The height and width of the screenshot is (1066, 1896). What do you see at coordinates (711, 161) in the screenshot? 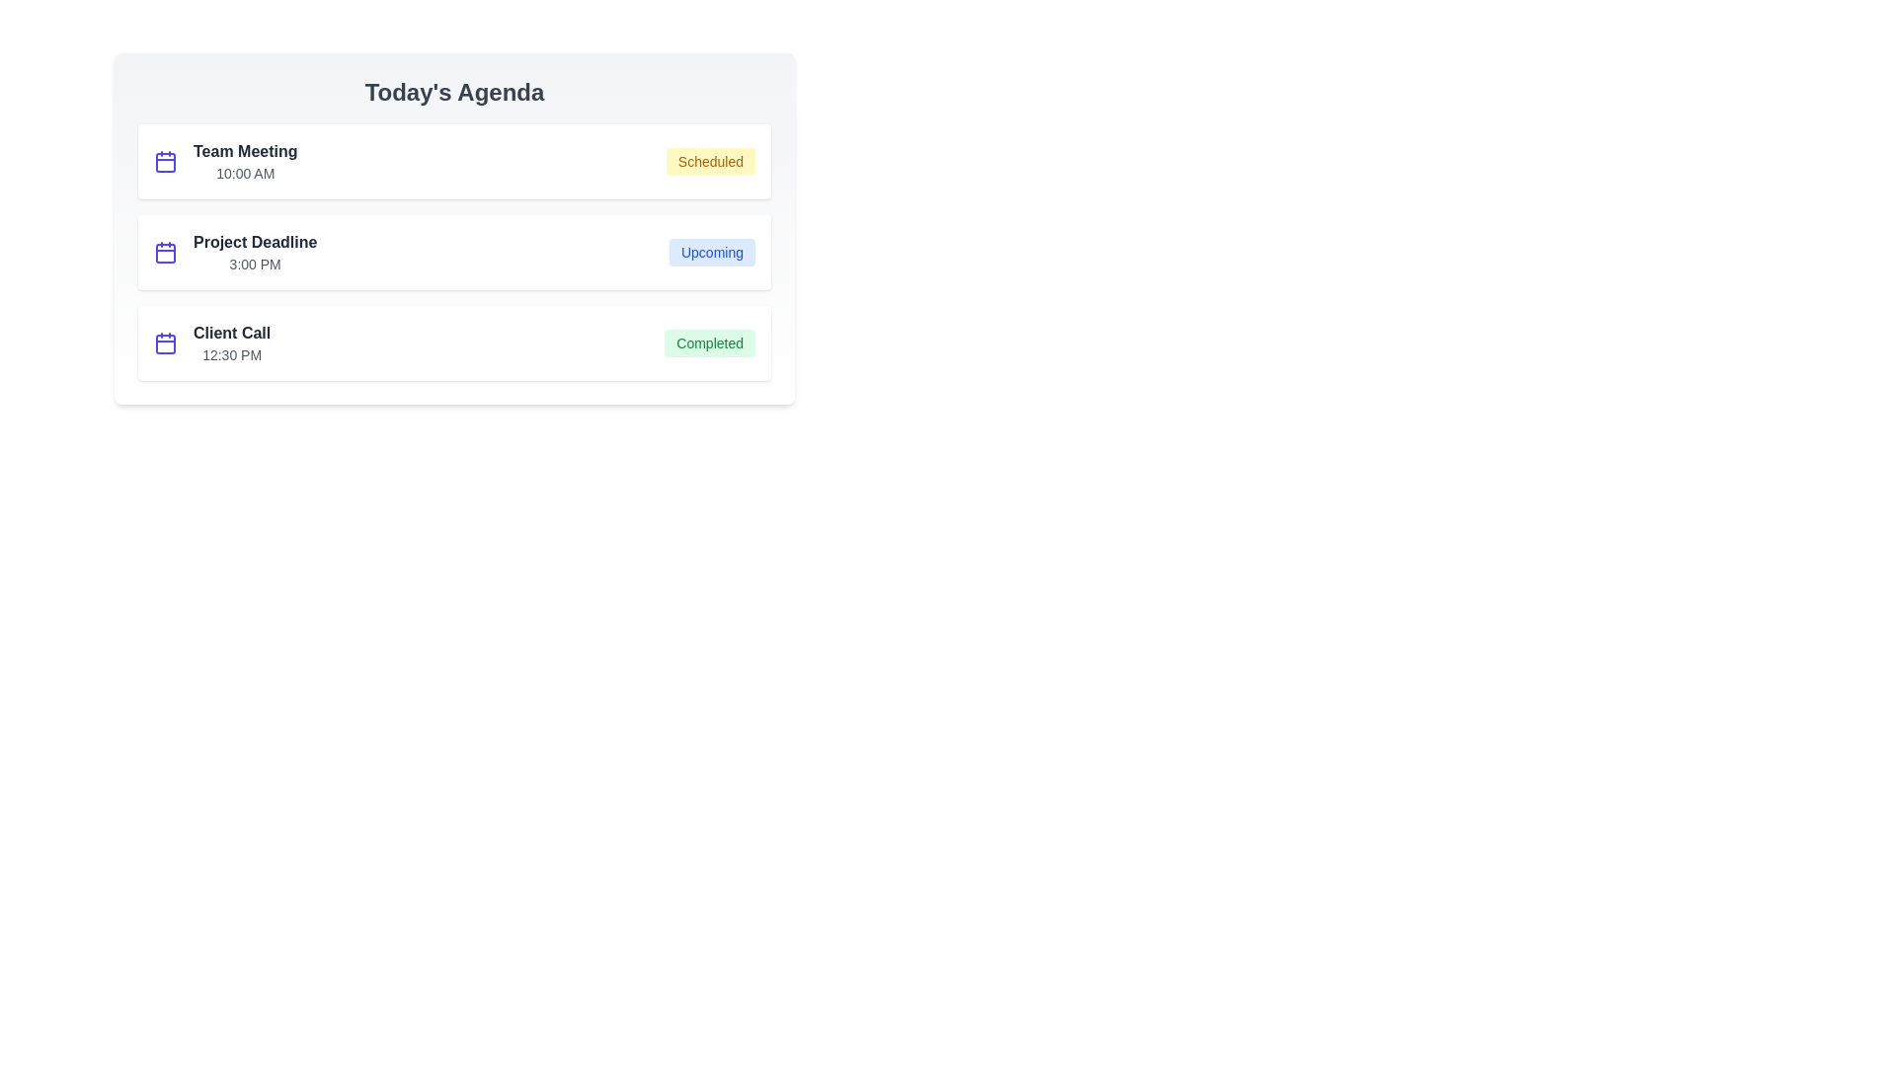
I see `the status tag Scheduled to filter events by the selected status` at bounding box center [711, 161].